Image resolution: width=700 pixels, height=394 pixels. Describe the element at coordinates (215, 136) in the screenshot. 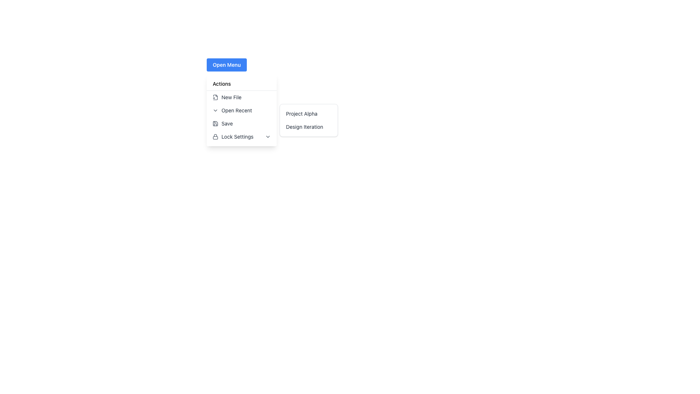

I see `the decorative icon representing the 'Lock Settings' option in the dropdown menu adjacent to the text item` at that location.